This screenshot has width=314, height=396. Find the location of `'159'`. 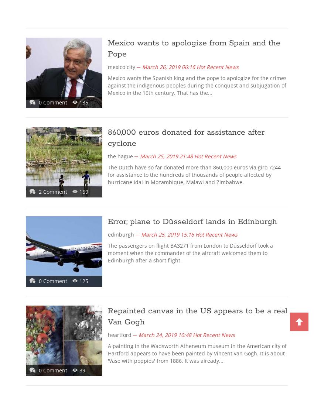

'159' is located at coordinates (79, 191).